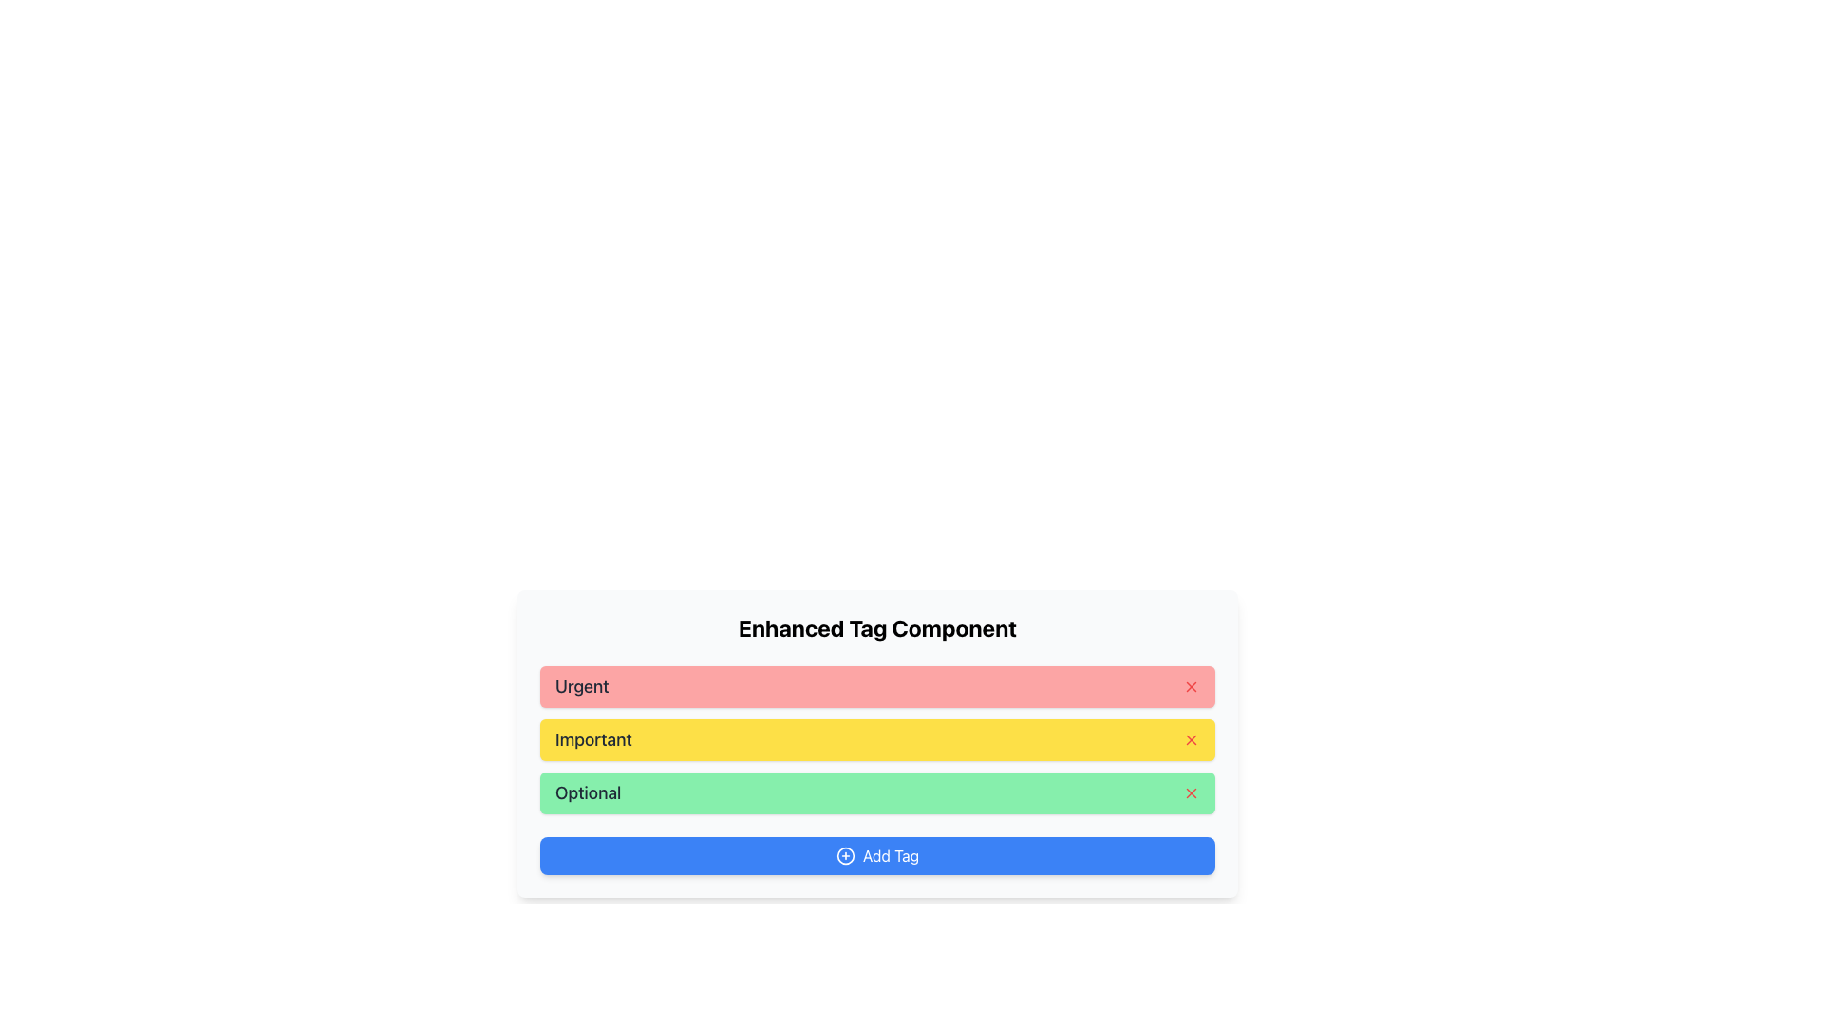  Describe the element at coordinates (1190, 687) in the screenshot. I see `the delete or close icon button located in the topmost 'Urgent' tag of the Enhanced Tag Component` at that location.